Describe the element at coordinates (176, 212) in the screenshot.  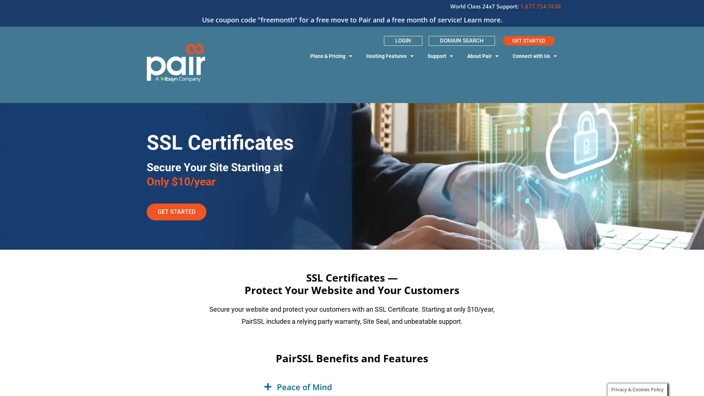
I see `GET STARTED` at that location.